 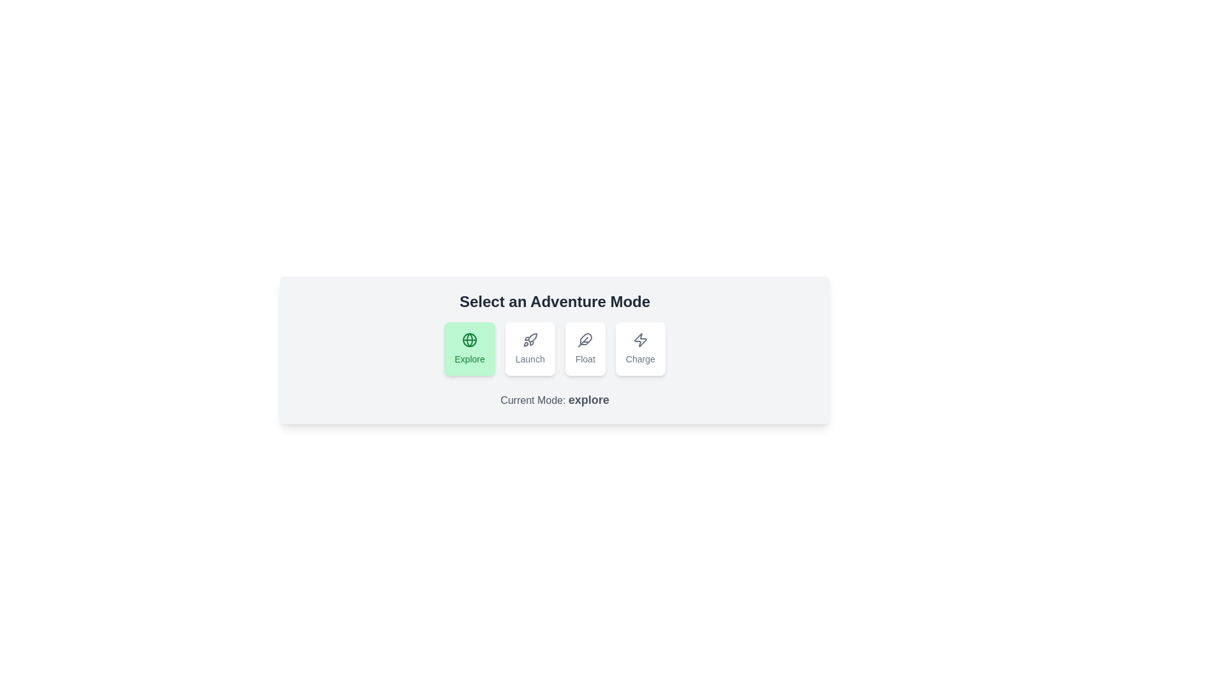 What do you see at coordinates (640, 348) in the screenshot?
I see `the mode charge by clicking its respective button` at bounding box center [640, 348].